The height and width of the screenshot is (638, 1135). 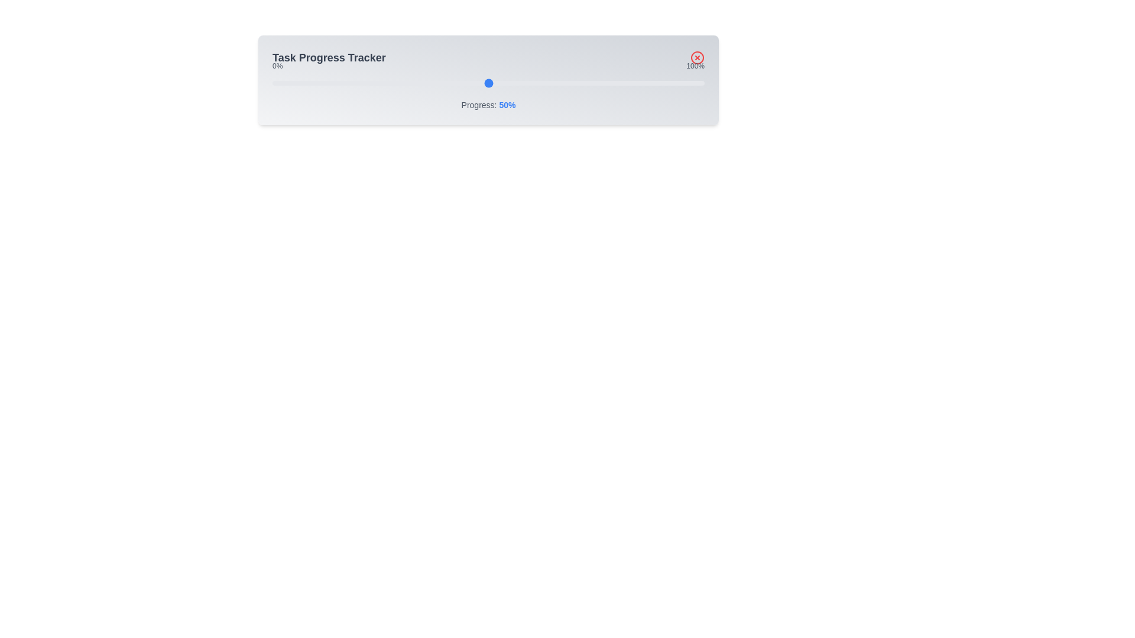 I want to click on the progress, so click(x=410, y=83).